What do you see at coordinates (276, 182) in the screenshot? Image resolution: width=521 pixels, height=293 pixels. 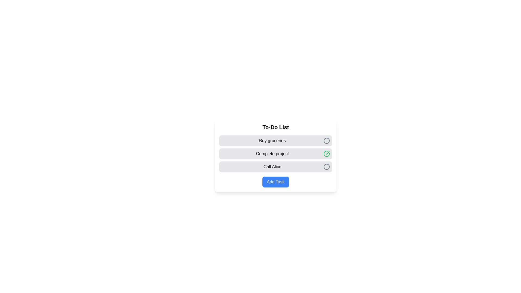 I see `the 'Add Task' button located at the bottom of the to-do list` at bounding box center [276, 182].